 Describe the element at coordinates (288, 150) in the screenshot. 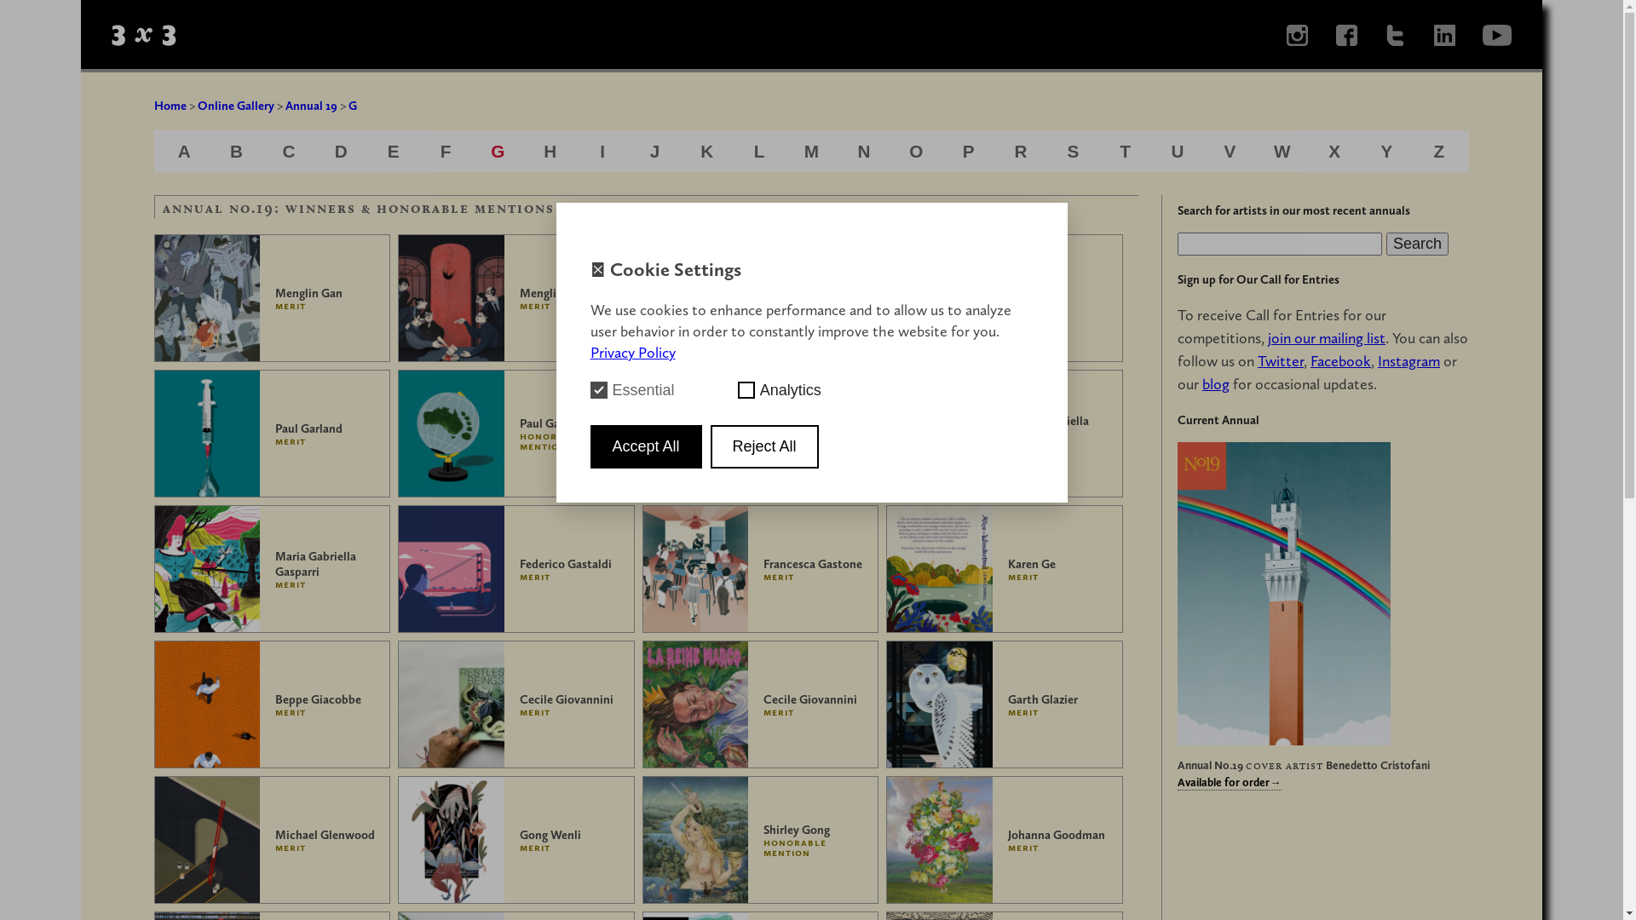

I see `'C'` at that location.